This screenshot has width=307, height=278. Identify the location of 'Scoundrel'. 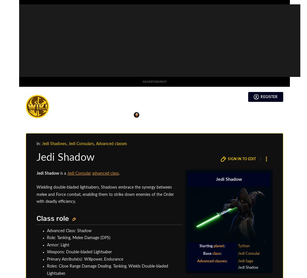
(88, 48).